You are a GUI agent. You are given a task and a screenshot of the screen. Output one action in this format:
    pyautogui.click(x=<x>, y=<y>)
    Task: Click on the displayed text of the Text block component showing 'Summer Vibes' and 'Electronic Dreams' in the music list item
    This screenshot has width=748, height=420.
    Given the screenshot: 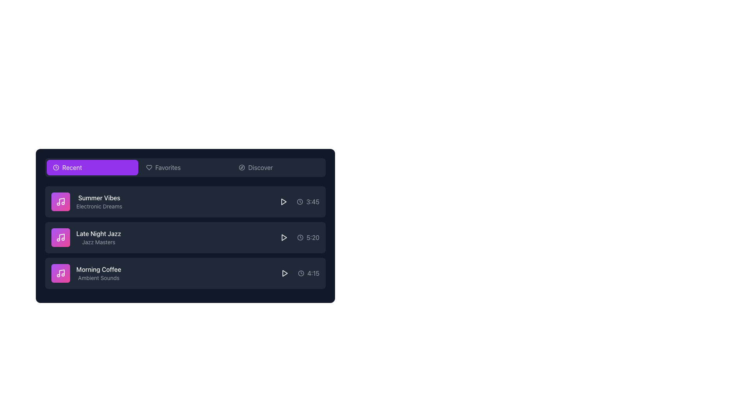 What is the action you would take?
    pyautogui.click(x=86, y=201)
    